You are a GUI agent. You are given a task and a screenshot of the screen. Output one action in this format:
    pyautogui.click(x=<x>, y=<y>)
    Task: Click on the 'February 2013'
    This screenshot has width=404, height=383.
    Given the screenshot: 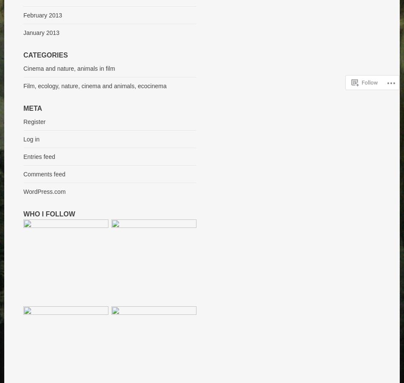 What is the action you would take?
    pyautogui.click(x=23, y=14)
    